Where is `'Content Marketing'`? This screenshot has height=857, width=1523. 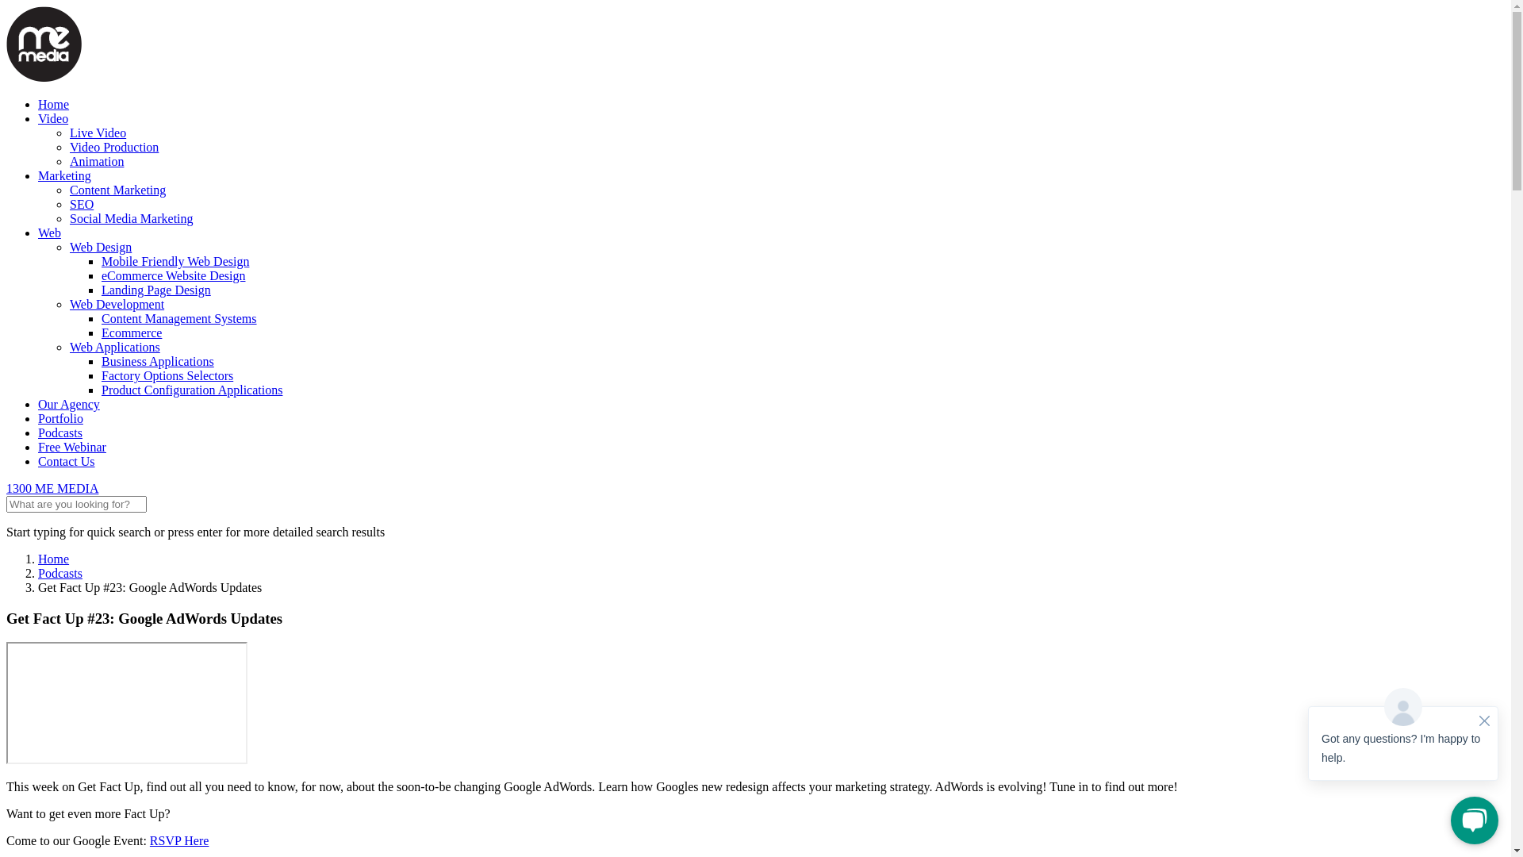
'Content Marketing' is located at coordinates (68, 189).